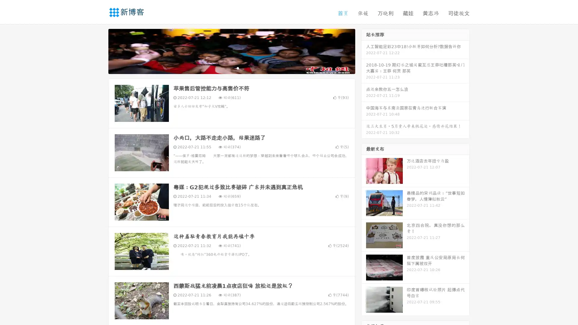  I want to click on Go to slide 2, so click(231, 68).